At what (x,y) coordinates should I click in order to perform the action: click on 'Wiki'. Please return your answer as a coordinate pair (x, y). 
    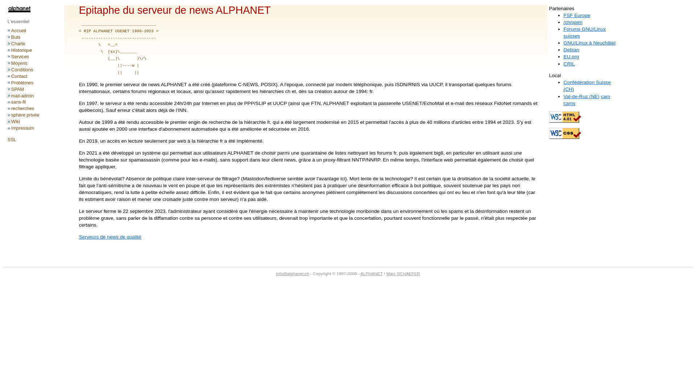
    Looking at the image, I should click on (16, 121).